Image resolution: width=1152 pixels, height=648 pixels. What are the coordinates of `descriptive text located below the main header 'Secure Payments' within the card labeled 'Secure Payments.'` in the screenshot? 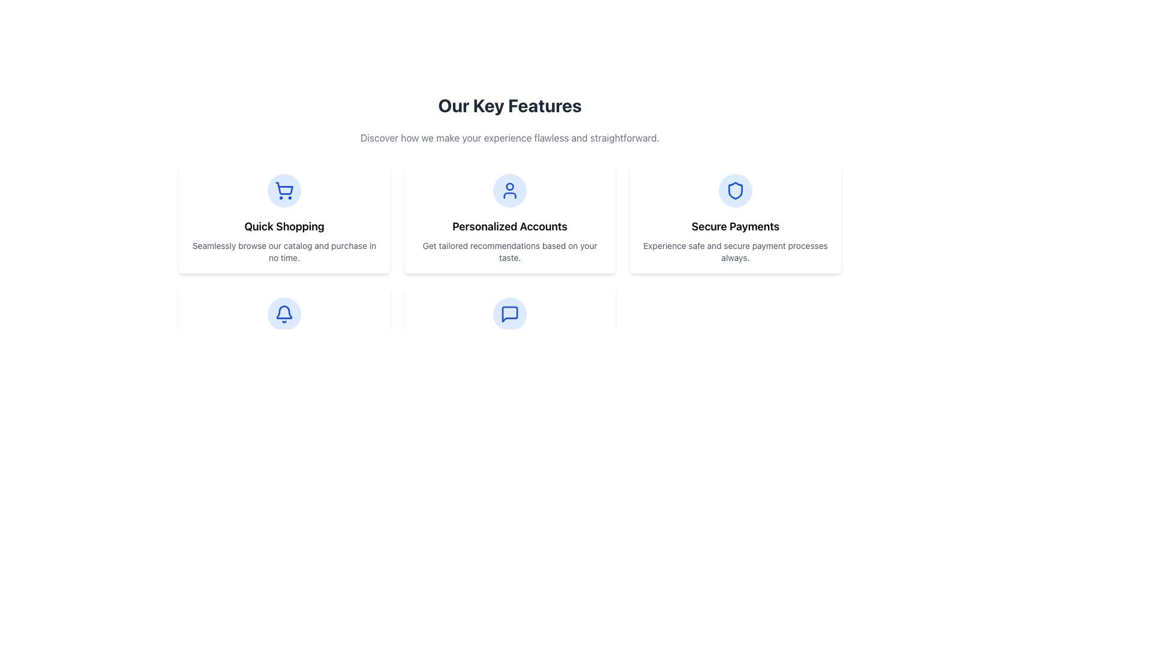 It's located at (734, 251).